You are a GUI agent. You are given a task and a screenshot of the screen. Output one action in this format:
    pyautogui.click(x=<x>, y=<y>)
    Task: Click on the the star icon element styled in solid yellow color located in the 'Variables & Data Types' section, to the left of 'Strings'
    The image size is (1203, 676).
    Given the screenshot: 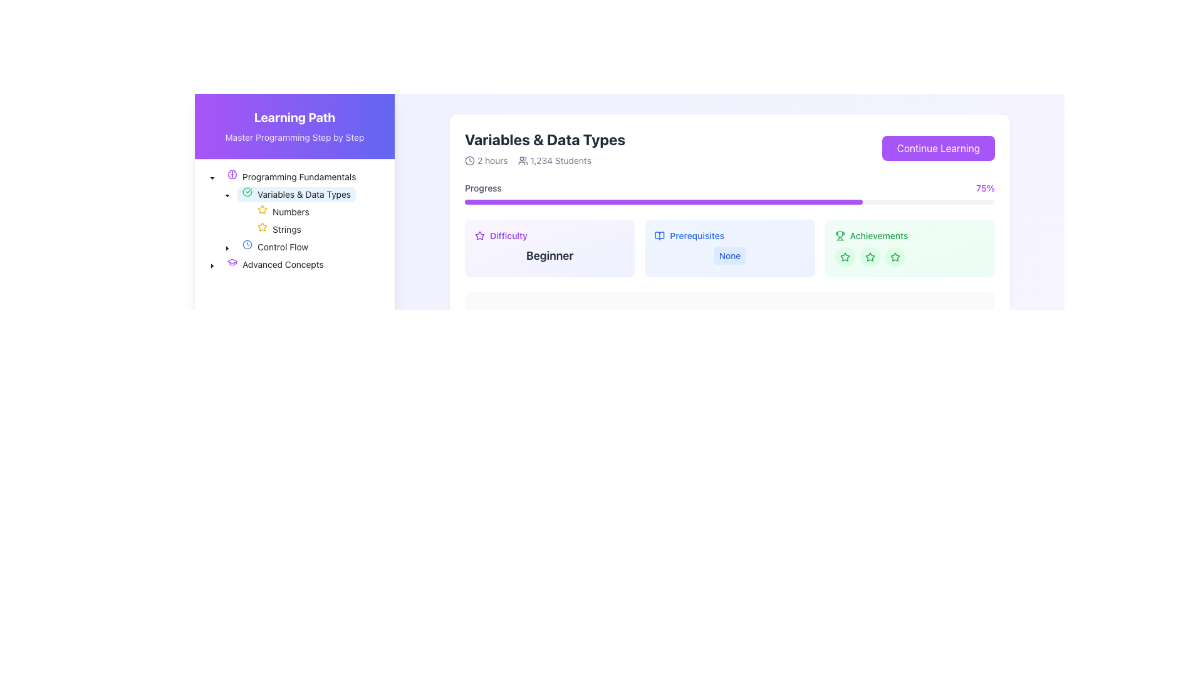 What is the action you would take?
    pyautogui.click(x=261, y=209)
    